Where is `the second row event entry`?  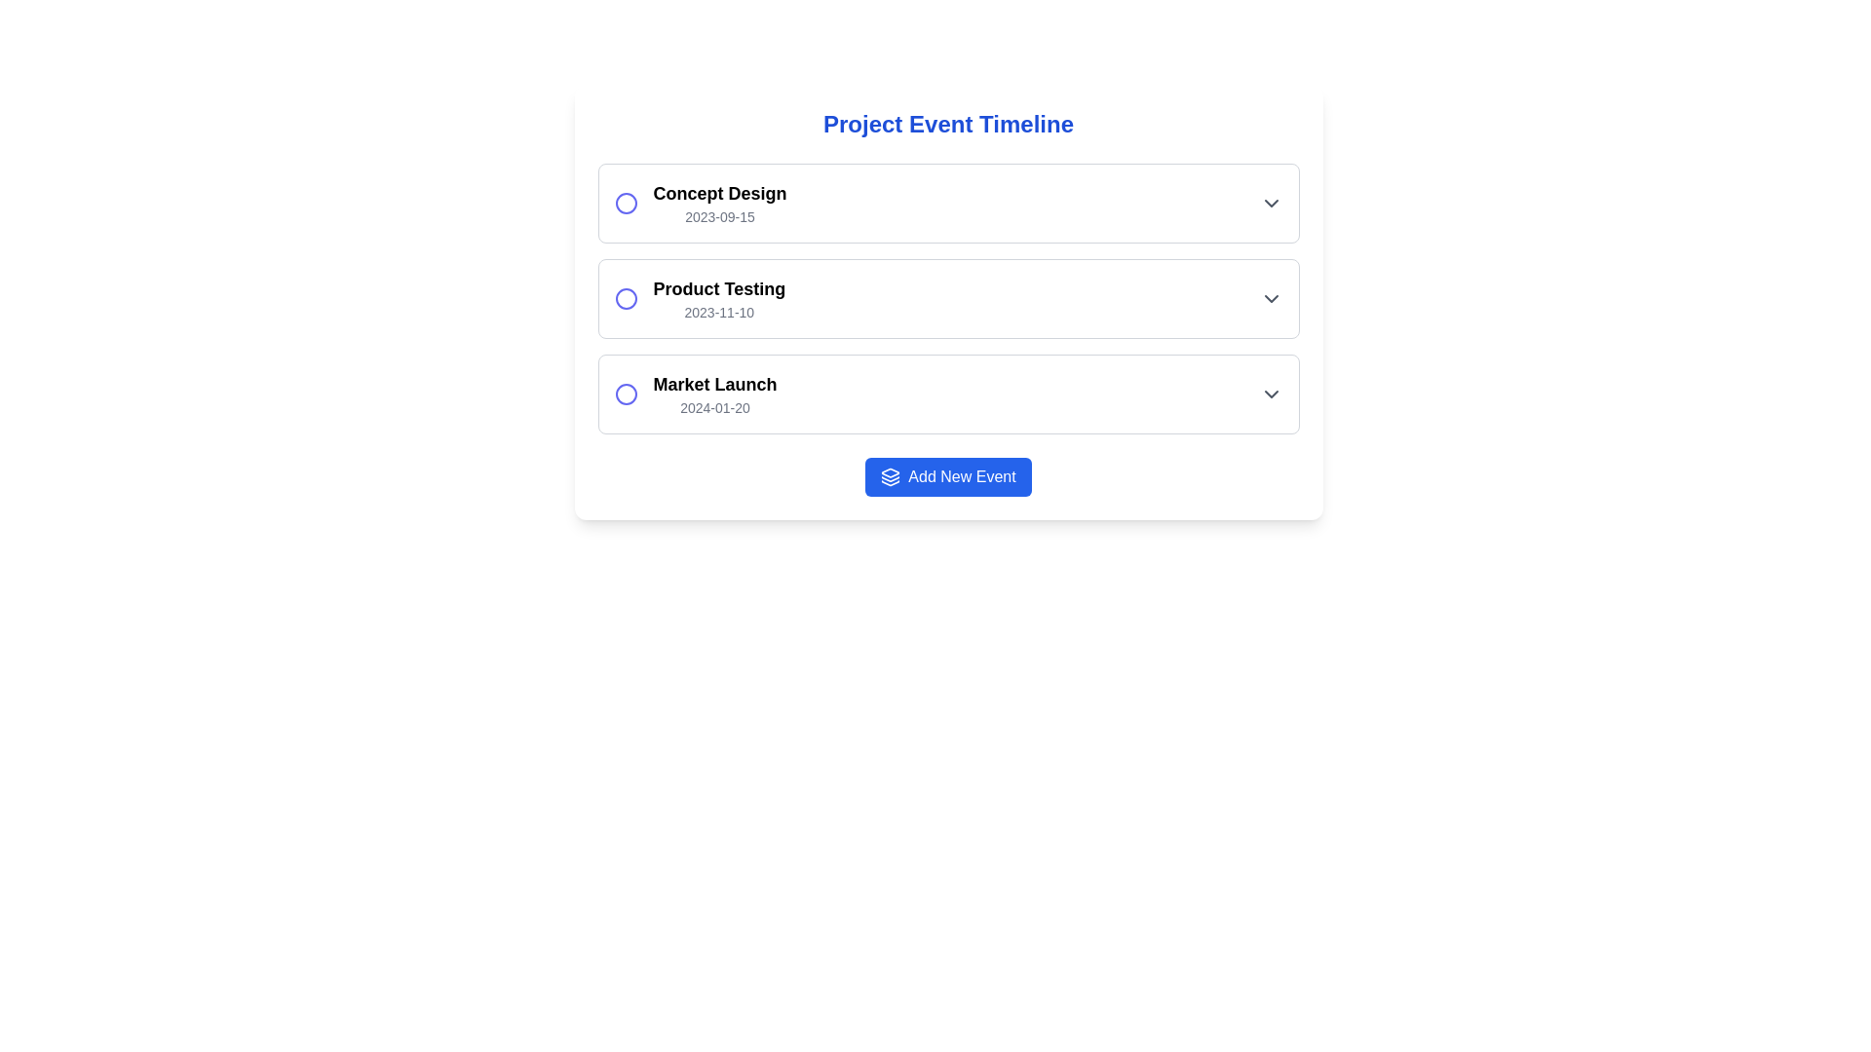 the second row event entry is located at coordinates (948, 299).